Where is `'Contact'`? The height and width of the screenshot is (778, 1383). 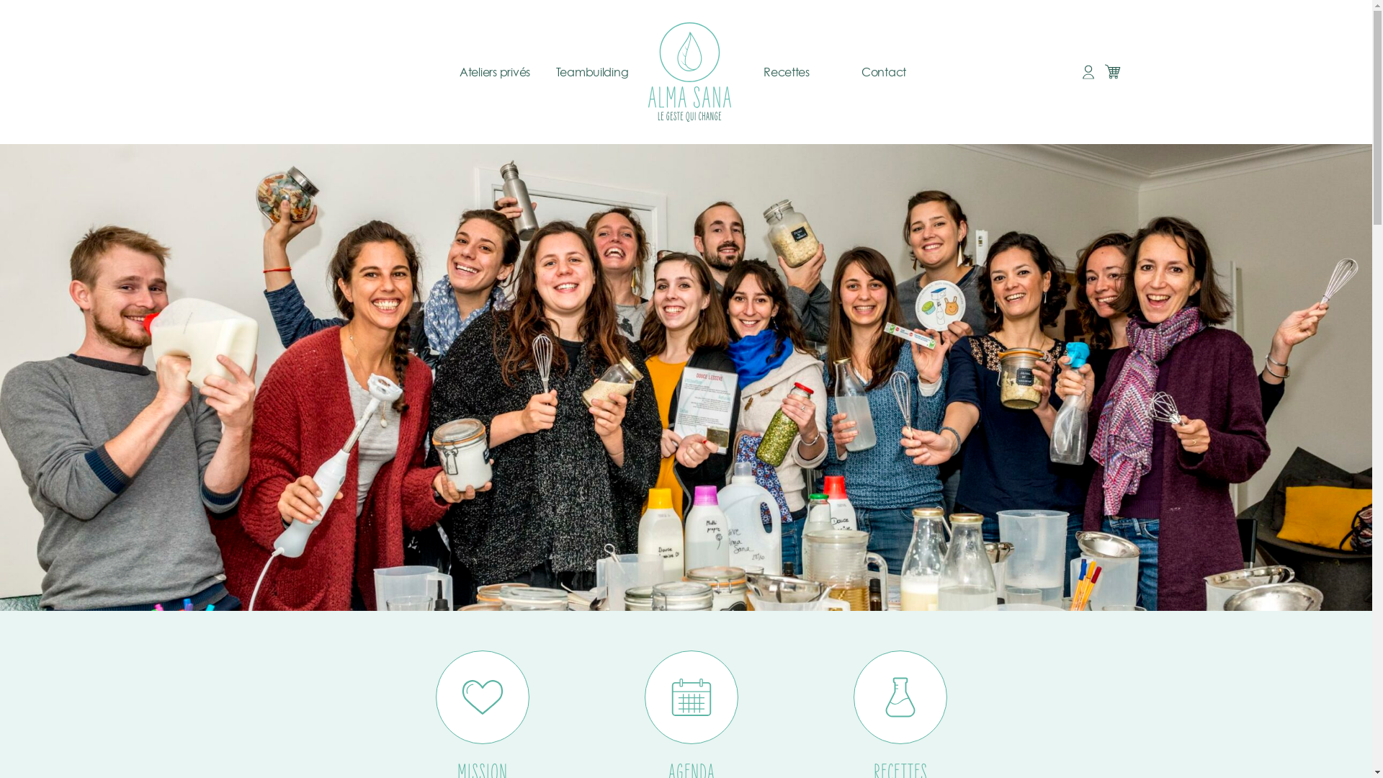 'Contact' is located at coordinates (861, 72).